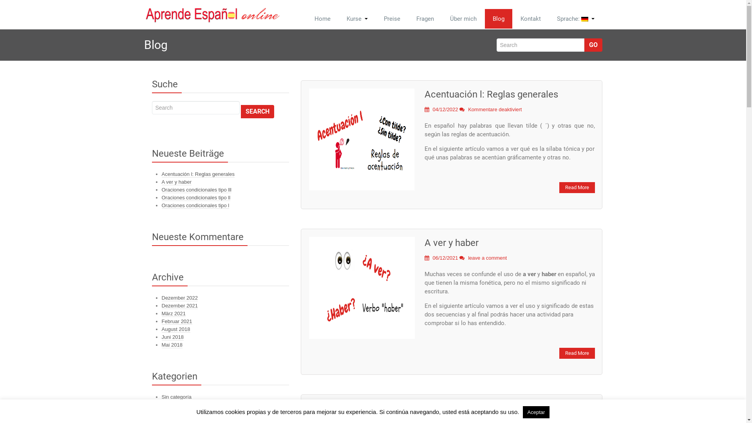 This screenshot has width=752, height=423. Describe the element at coordinates (195, 205) in the screenshot. I see `'Oraciones condicionales tipo l'` at that location.